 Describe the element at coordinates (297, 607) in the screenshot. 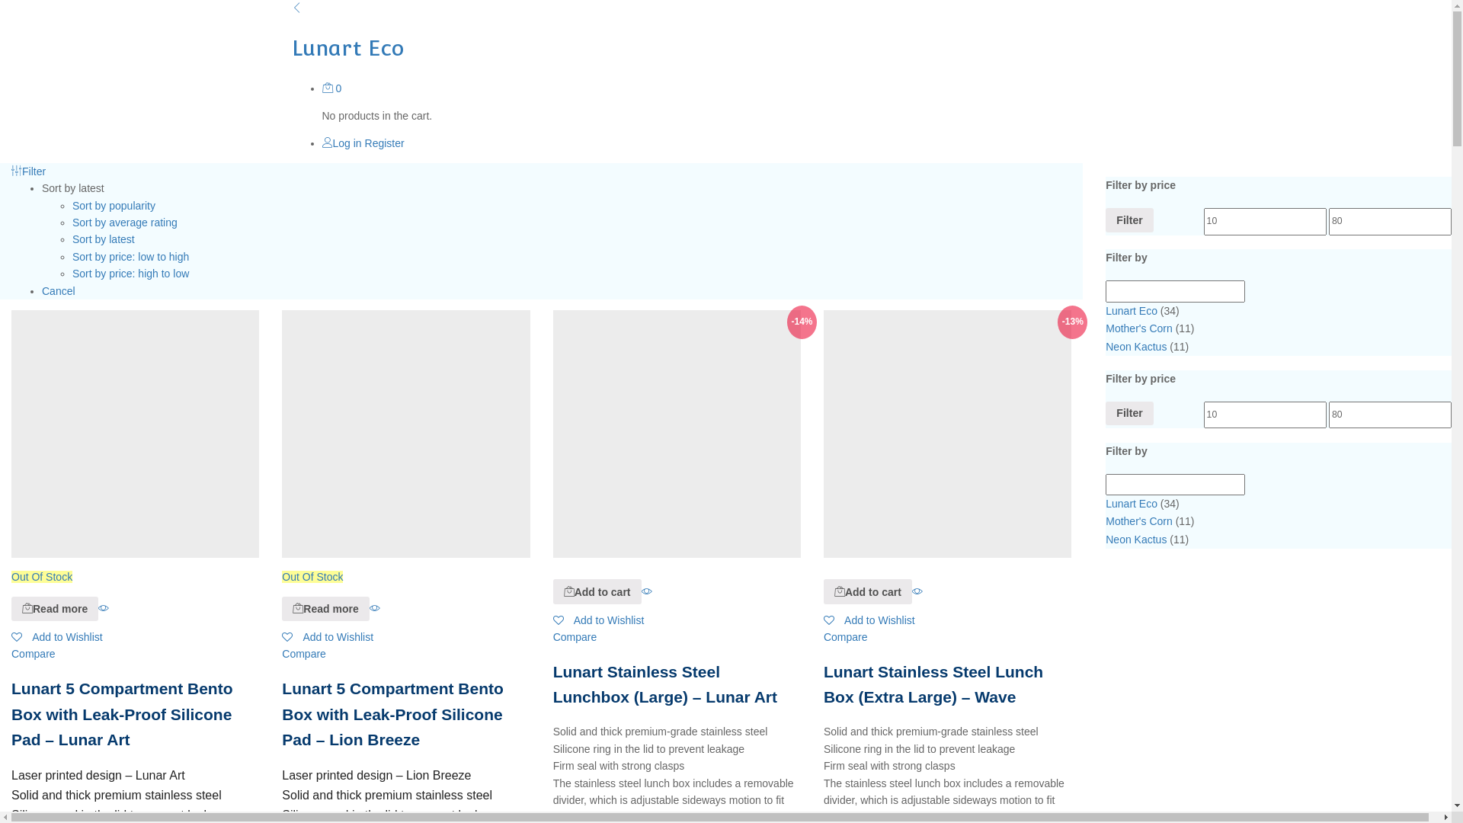

I see `'Read more'` at that location.